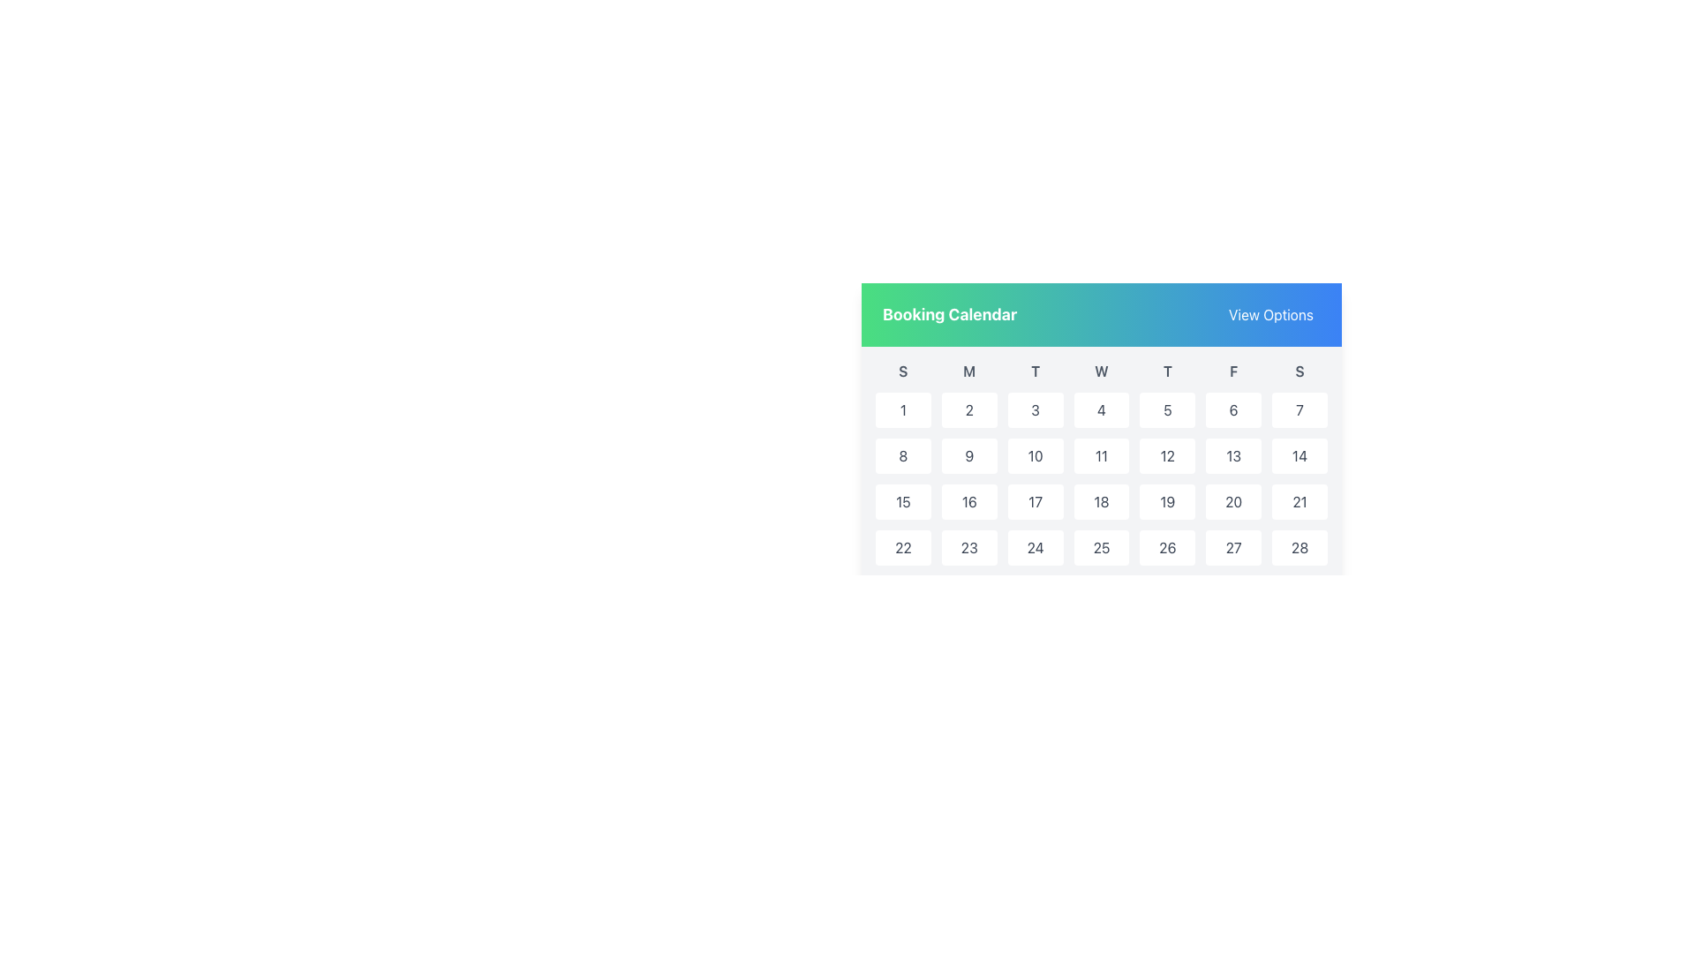 The height and width of the screenshot is (953, 1695). I want to click on the date label displaying the 15th in the calendar interface, so click(903, 502).